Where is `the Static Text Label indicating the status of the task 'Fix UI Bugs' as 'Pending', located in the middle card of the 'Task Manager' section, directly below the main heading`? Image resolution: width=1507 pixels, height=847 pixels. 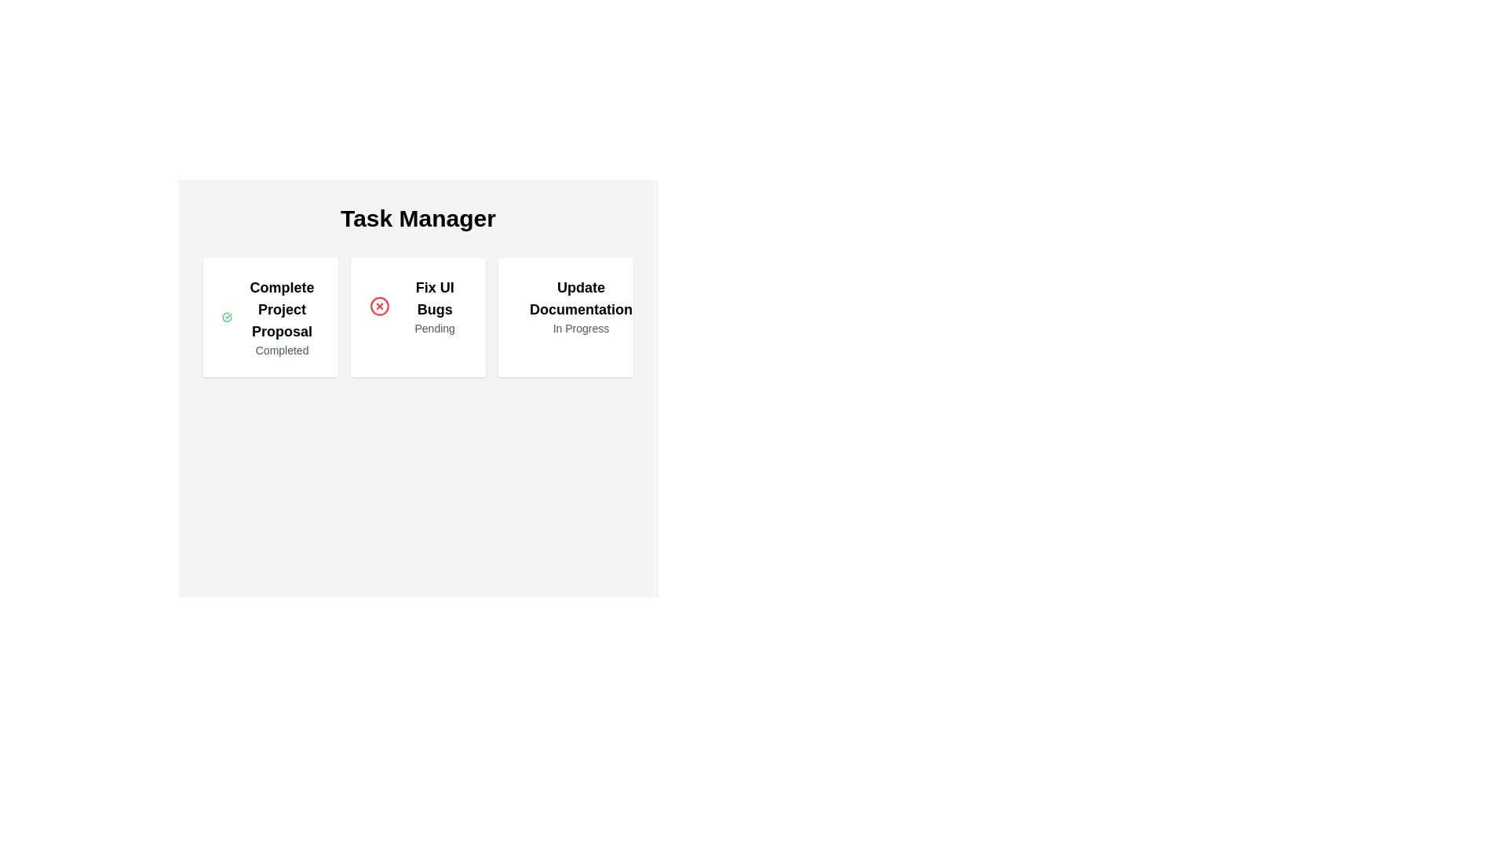 the Static Text Label indicating the status of the task 'Fix UI Bugs' as 'Pending', located in the middle card of the 'Task Manager' section, directly below the main heading is located at coordinates (435, 328).